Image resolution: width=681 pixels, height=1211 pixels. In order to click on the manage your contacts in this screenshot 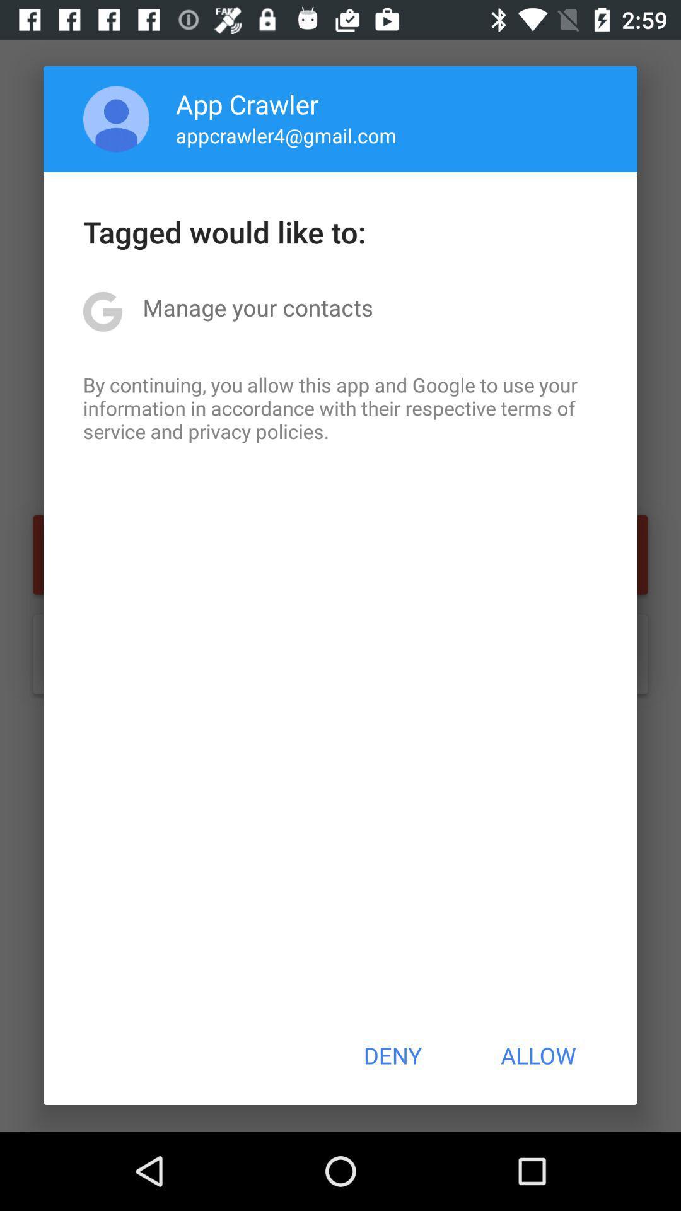, I will do `click(257, 307)`.